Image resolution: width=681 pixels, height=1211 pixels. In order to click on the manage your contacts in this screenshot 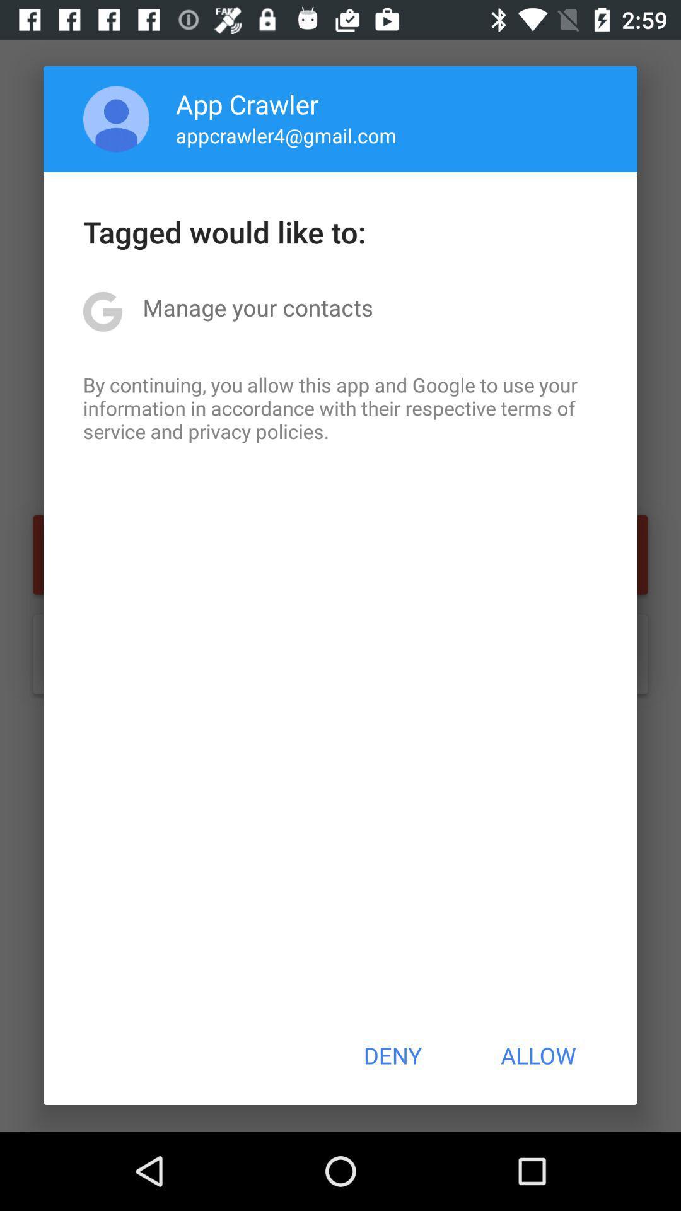, I will do `click(257, 307)`.